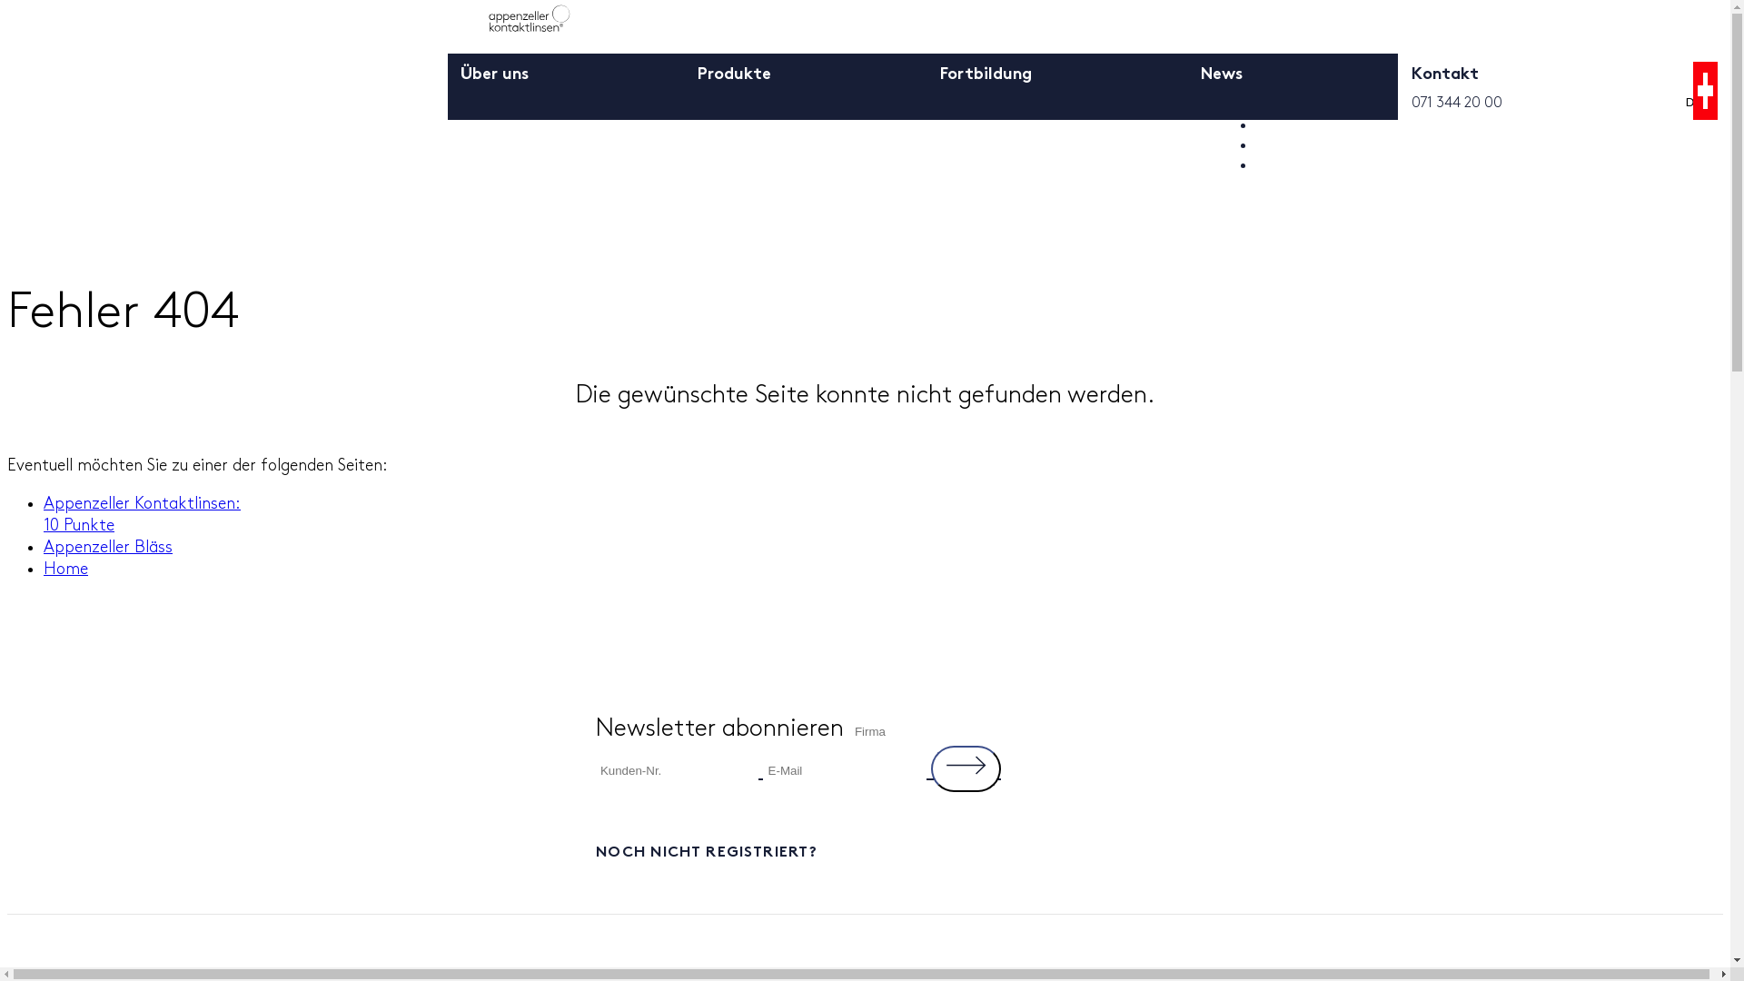  What do you see at coordinates (865, 850) in the screenshot?
I see `'NOCH NICHT REGISTRIERT?'` at bounding box center [865, 850].